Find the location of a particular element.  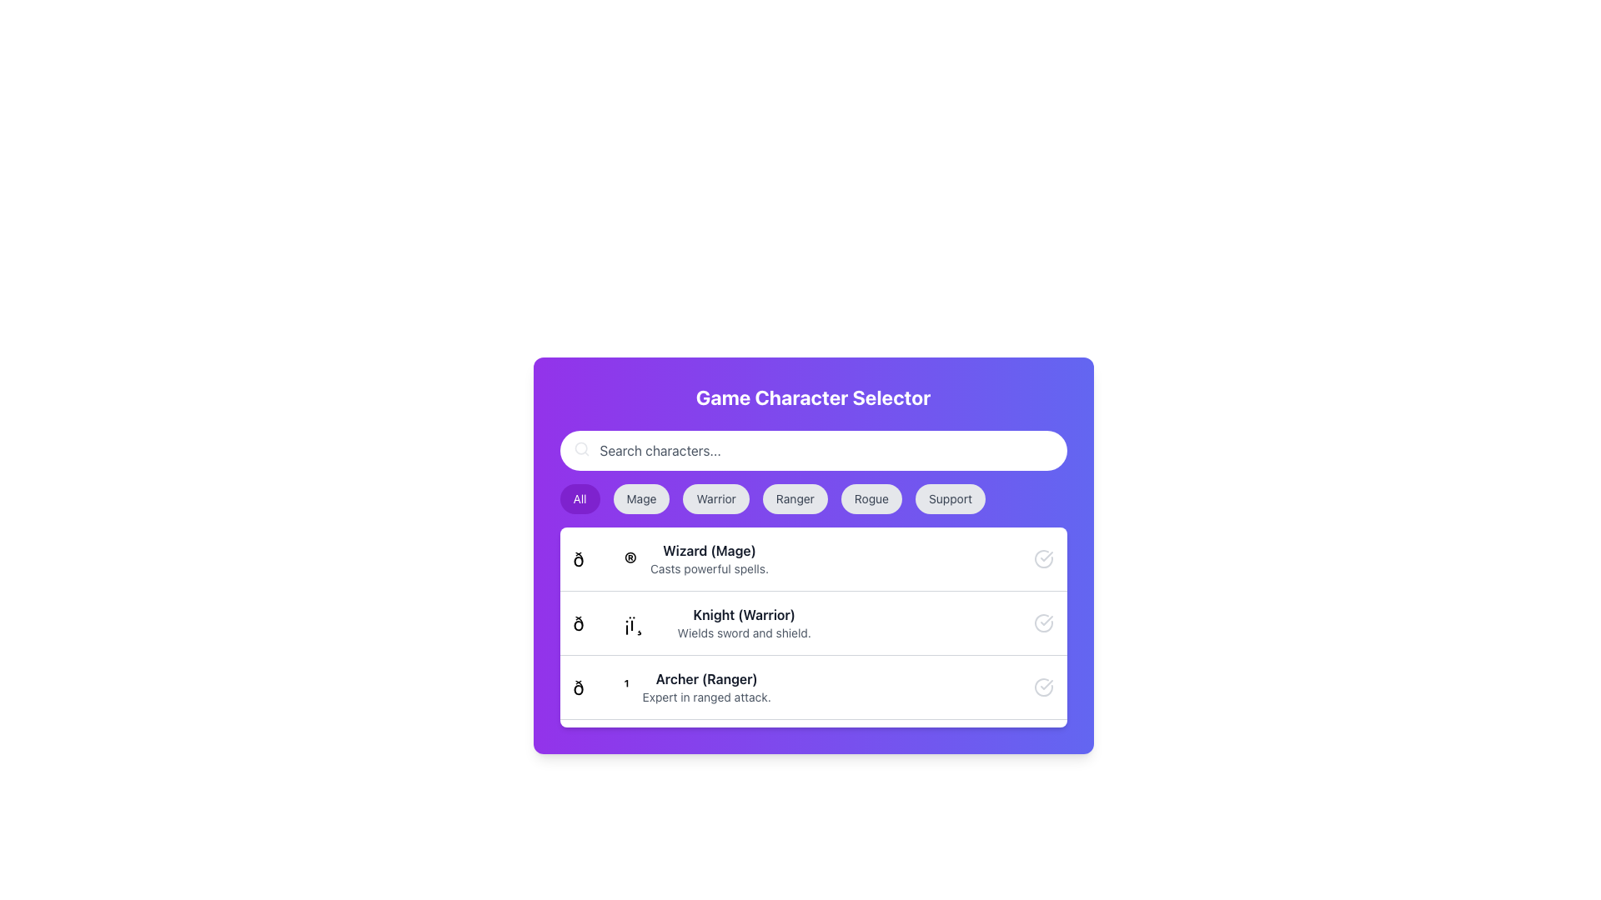

the first list item in the character selector list that describes the 'Wizard (Mage)' character type is located at coordinates (813, 556).